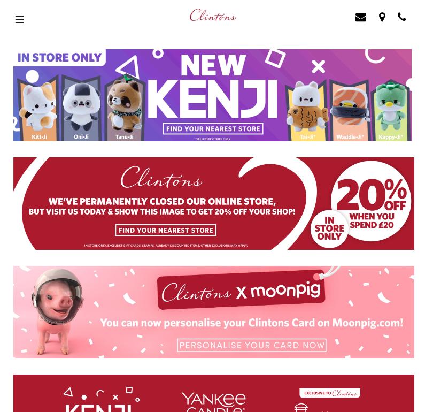  What do you see at coordinates (13, 317) in the screenshot?
I see `'Contact Us'` at bounding box center [13, 317].